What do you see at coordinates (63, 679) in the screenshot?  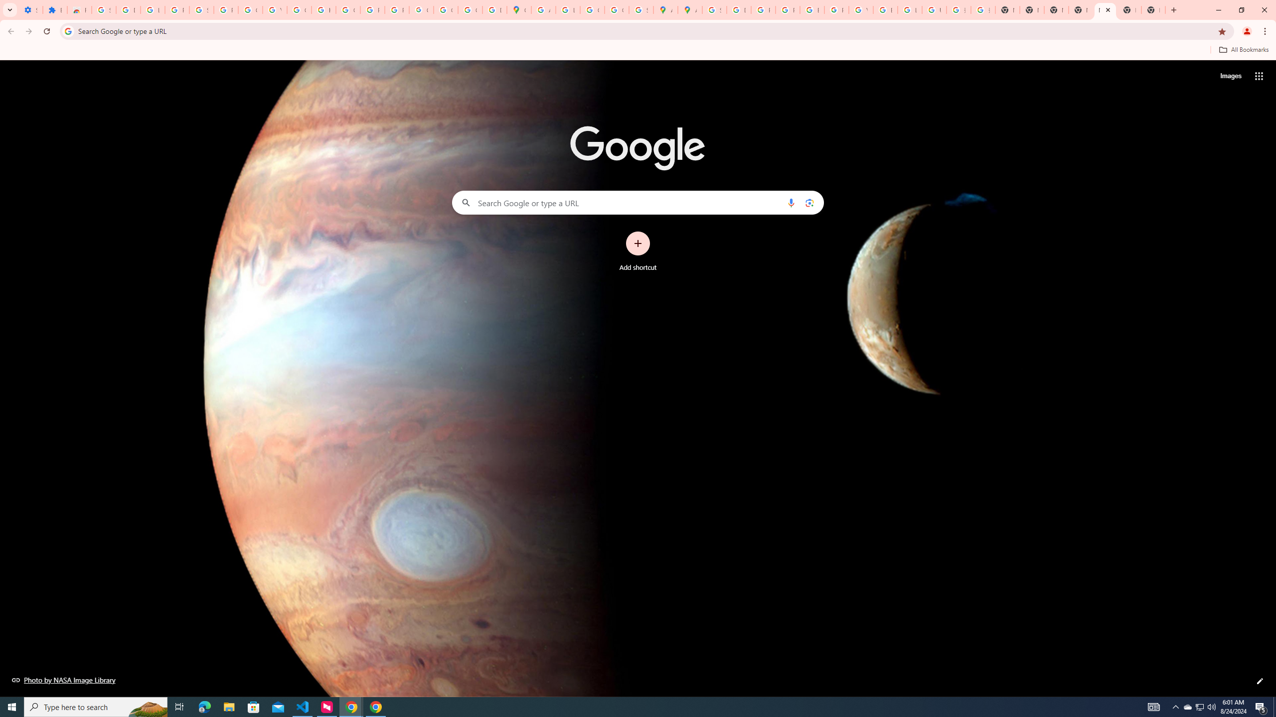 I see `'Photo by NASA Image Library'` at bounding box center [63, 679].